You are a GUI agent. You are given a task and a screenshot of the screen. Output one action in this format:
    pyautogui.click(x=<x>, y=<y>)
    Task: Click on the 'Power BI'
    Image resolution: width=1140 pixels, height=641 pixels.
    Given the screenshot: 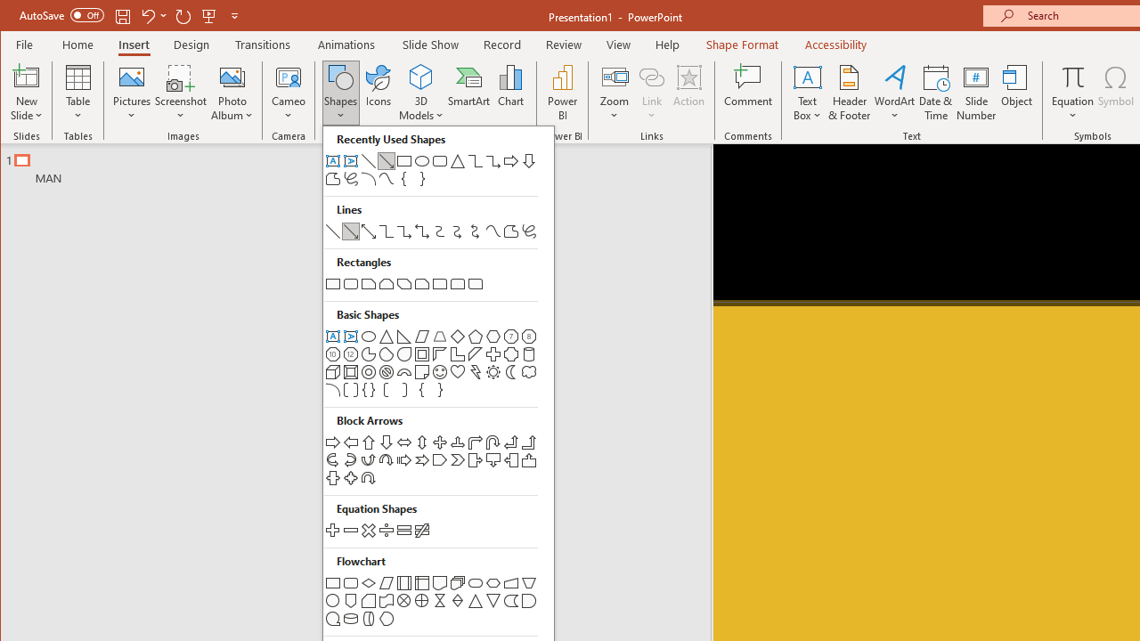 What is the action you would take?
    pyautogui.click(x=561, y=93)
    